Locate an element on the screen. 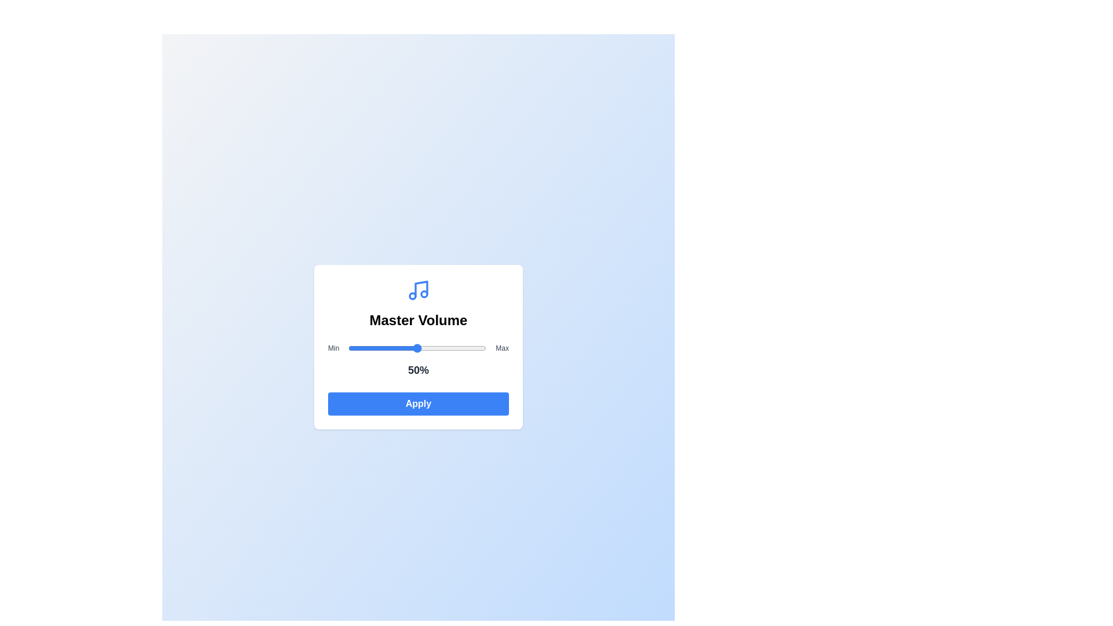  the volume slider to set the volume to 71% is located at coordinates (446, 348).